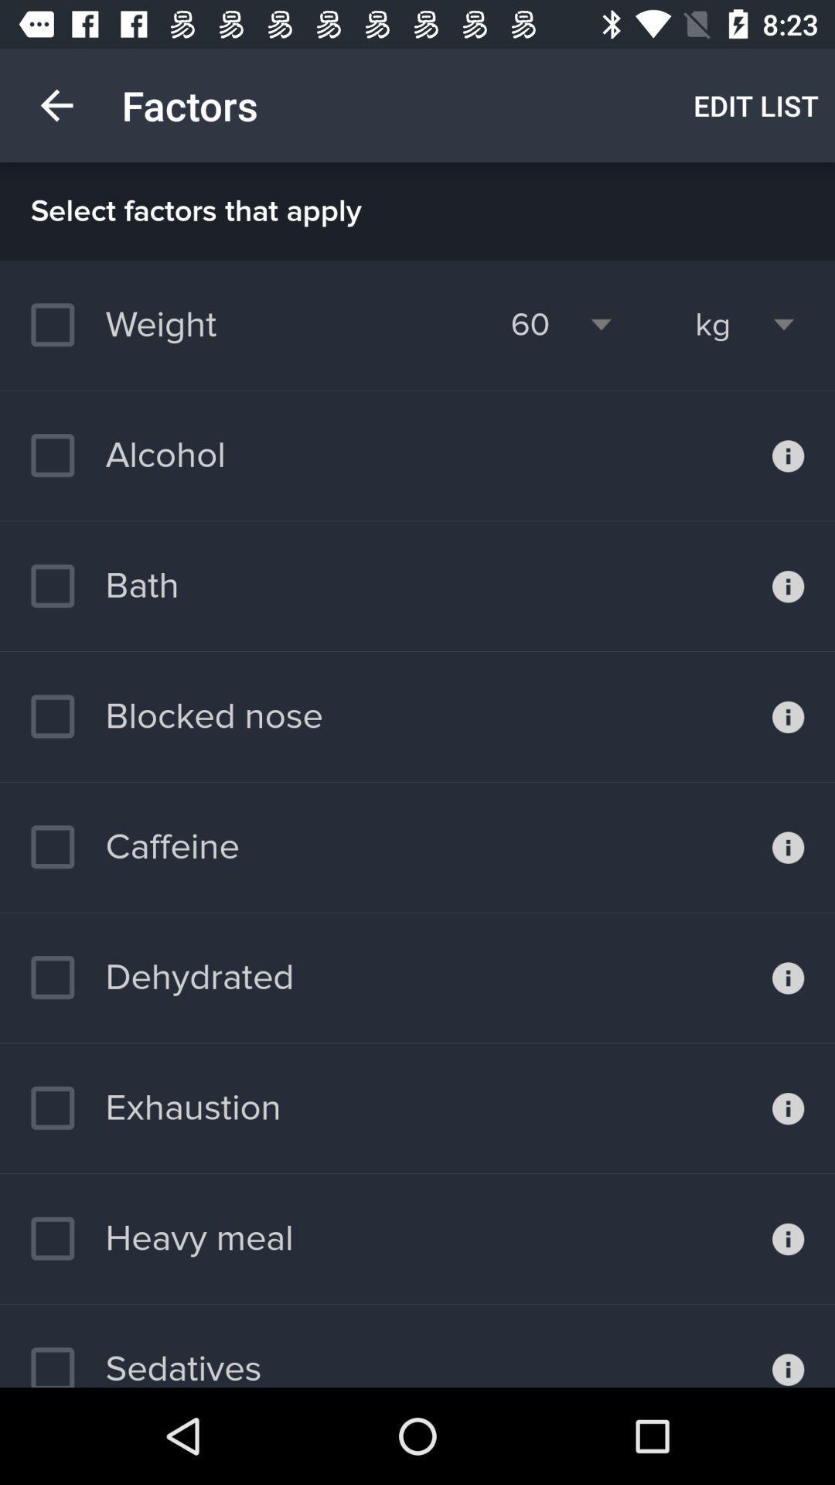  What do you see at coordinates (529, 324) in the screenshot?
I see `icon to the right of the weight` at bounding box center [529, 324].